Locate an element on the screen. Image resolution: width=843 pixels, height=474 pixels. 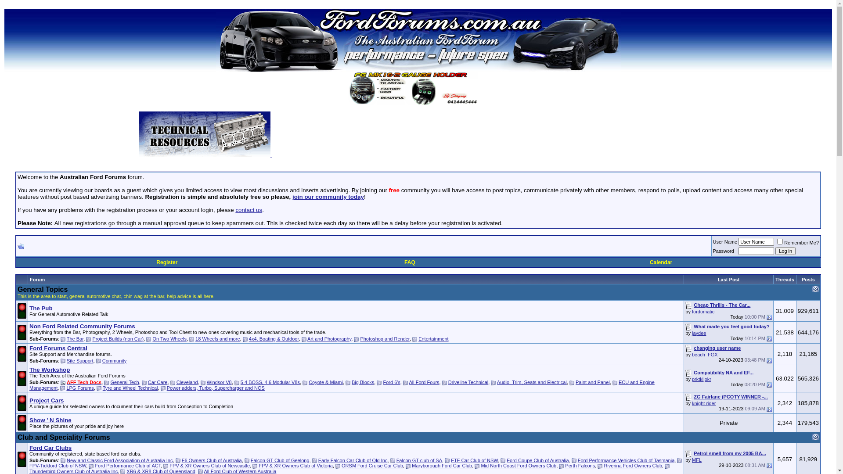
'Calendar' is located at coordinates (661, 262).